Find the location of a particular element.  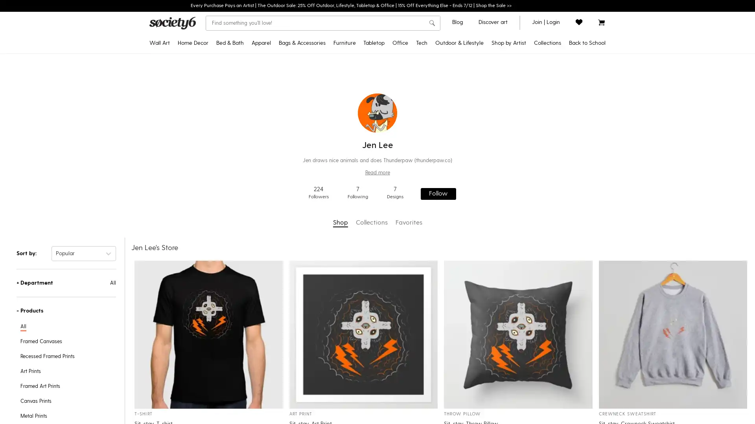

Folding Stools is located at coordinates (470, 215).